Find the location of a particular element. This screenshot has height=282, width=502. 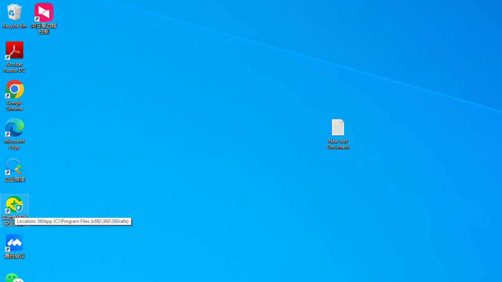

'Google Chrome' is located at coordinates (15, 95).